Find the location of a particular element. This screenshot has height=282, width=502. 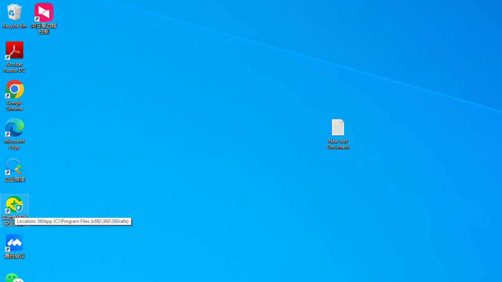

'Google Chrome' is located at coordinates (15, 95).